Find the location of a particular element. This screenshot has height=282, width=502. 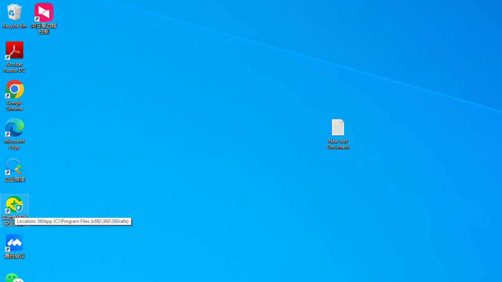

'Google Chrome' is located at coordinates (15, 95).